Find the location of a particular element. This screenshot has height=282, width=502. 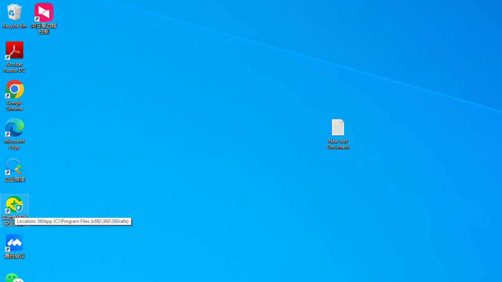

'Google Chrome' is located at coordinates (15, 95).